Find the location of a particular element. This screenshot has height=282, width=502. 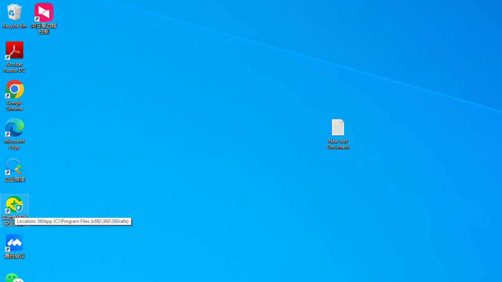

'Google Chrome' is located at coordinates (15, 95).